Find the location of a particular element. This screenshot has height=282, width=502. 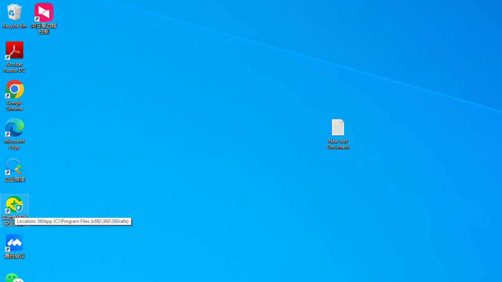

'Google Chrome' is located at coordinates (15, 95).